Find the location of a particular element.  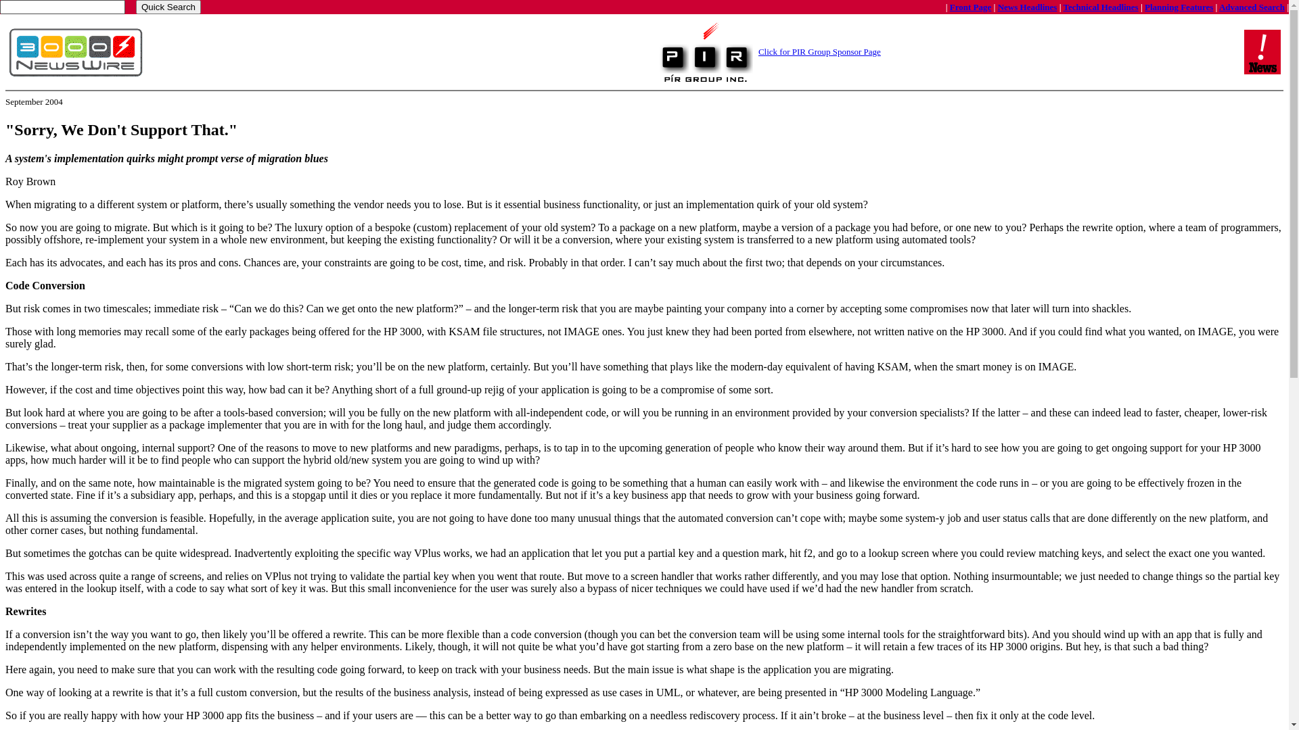

'Technical Headlines' is located at coordinates (1101, 6).